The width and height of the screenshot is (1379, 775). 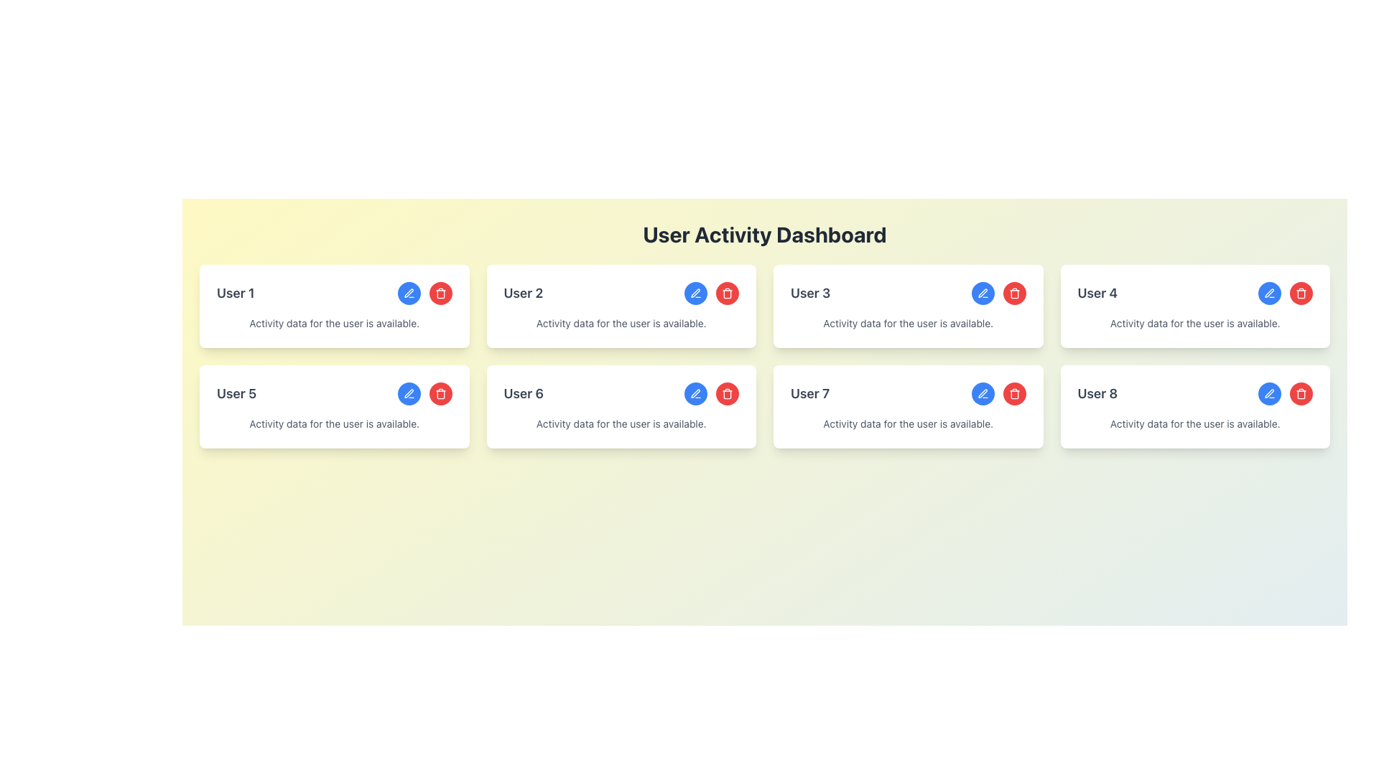 I want to click on the card element that displays 'User 3' and contains edit and delete icons, positioned in the third column of the top row of a grid layout, so click(x=907, y=306).